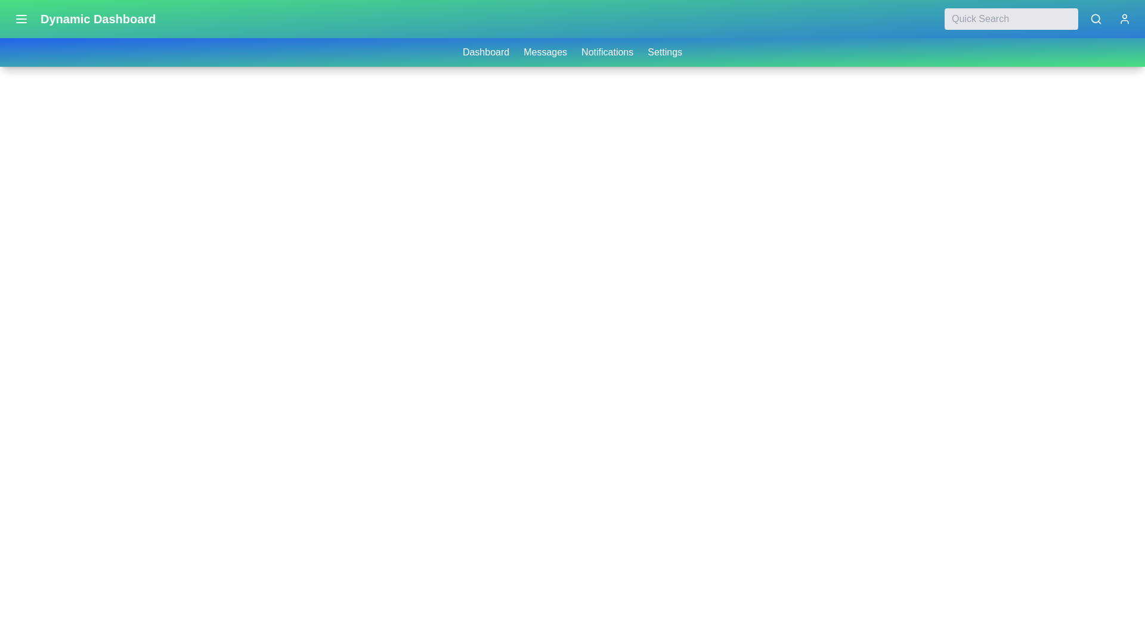 The image size is (1145, 644). What do you see at coordinates (98, 18) in the screenshot?
I see `the static text label displaying 'Dynamic Dashboard' which is styled in bold white font and aligned to the left on a gradient background in the top navigation bar` at bounding box center [98, 18].